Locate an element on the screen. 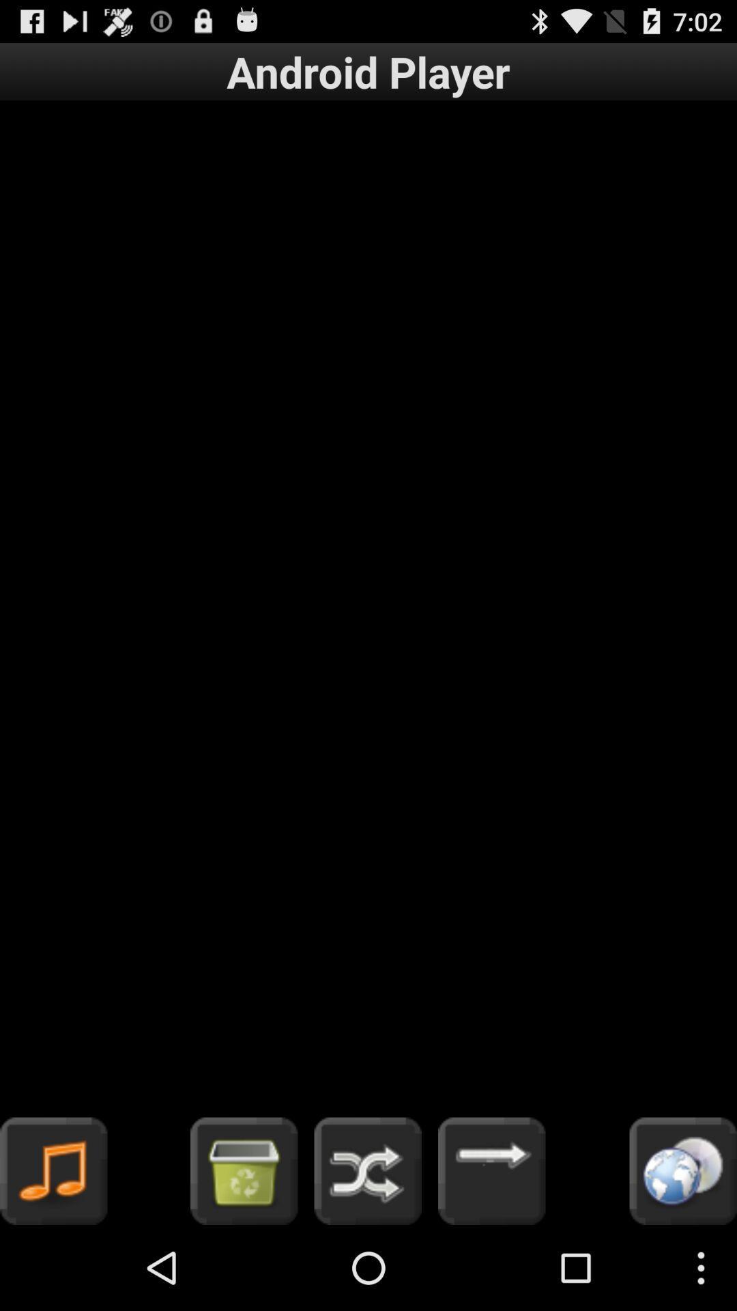 This screenshot has height=1311, width=737. the music icon is located at coordinates (53, 1253).